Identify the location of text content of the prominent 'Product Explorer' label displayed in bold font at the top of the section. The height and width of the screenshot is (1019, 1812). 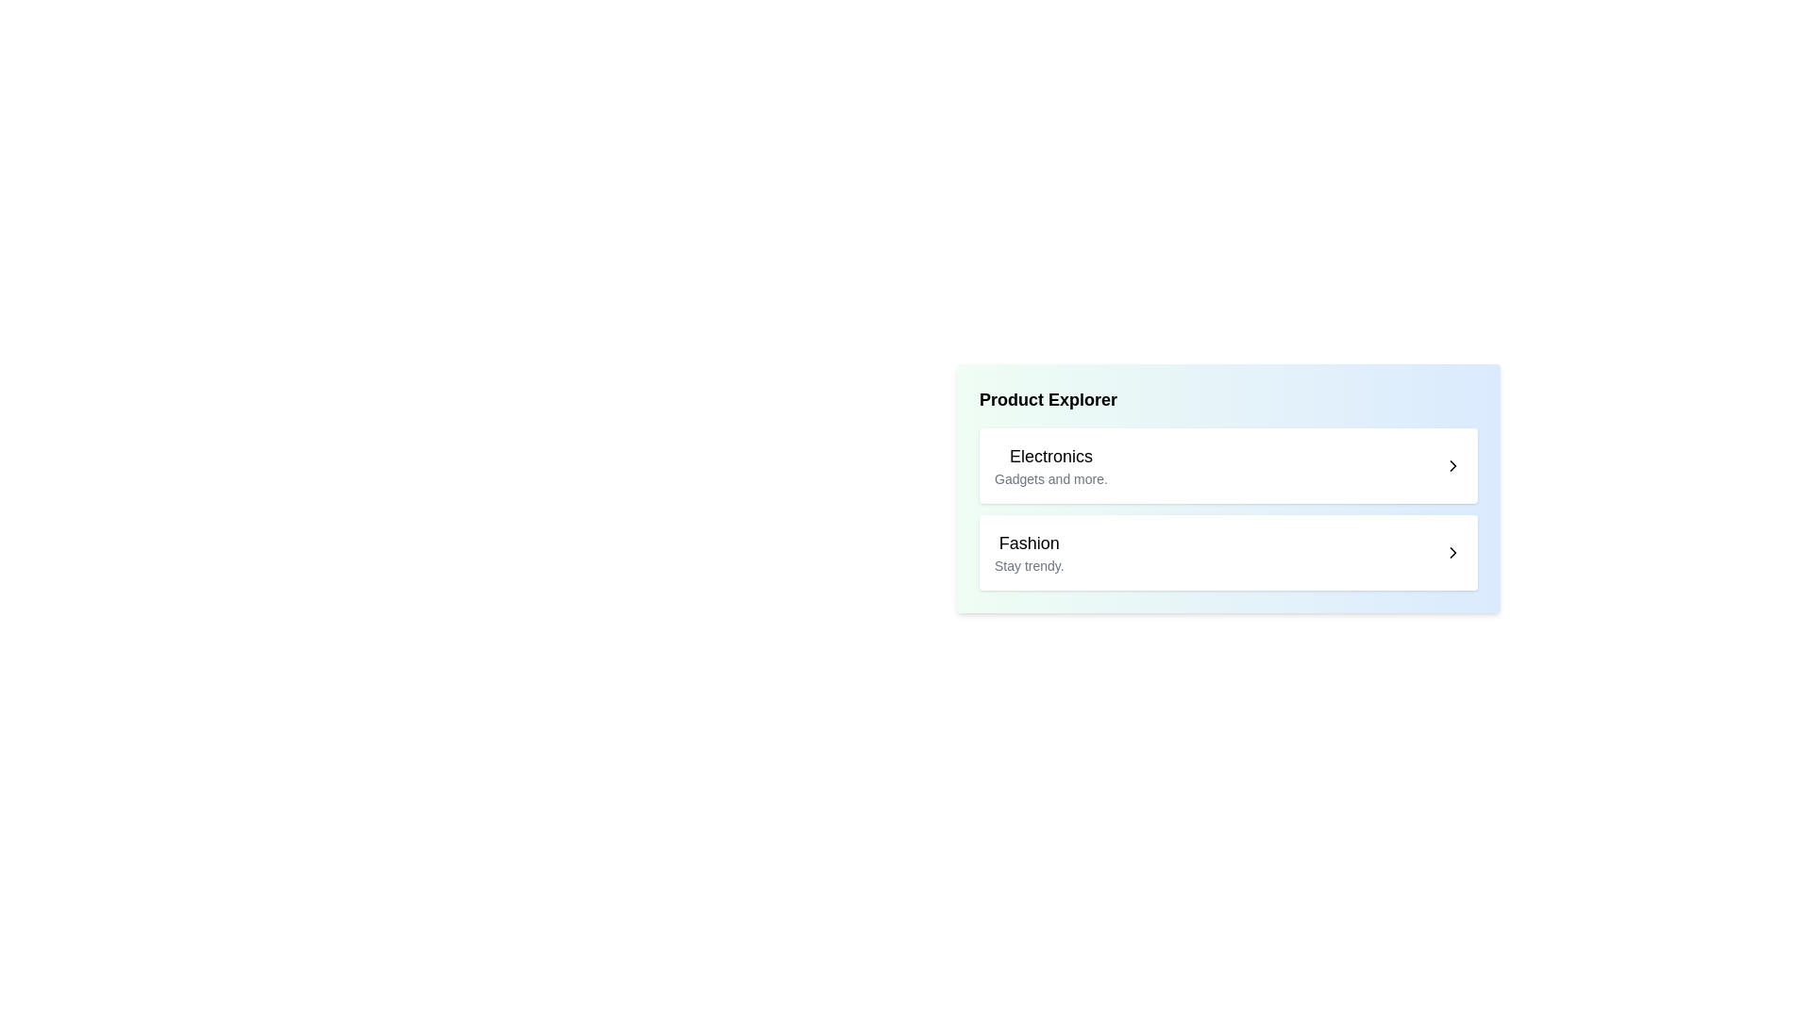
(1048, 399).